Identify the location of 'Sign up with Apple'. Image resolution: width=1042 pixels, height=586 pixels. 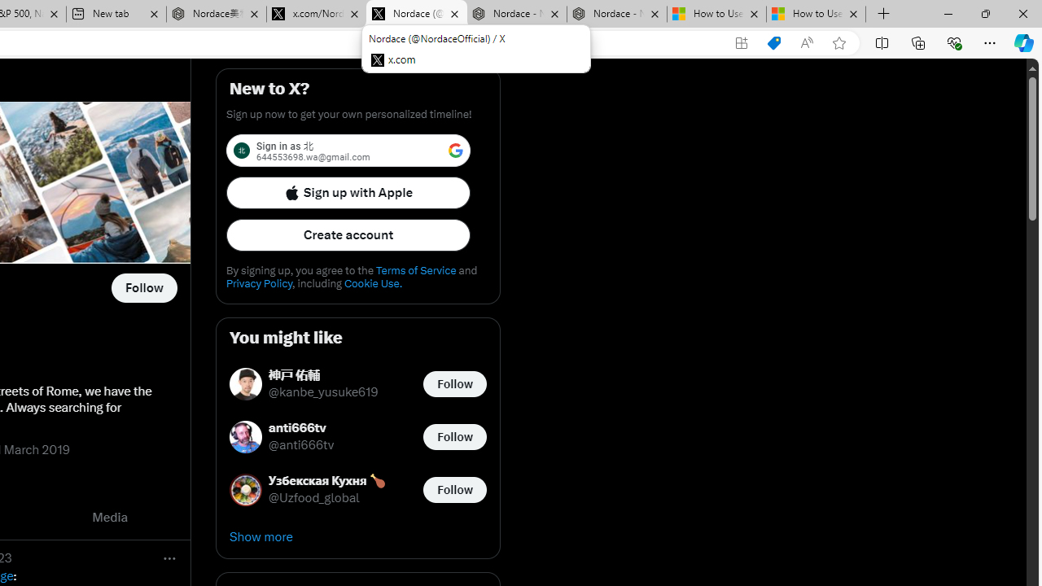
(348, 191).